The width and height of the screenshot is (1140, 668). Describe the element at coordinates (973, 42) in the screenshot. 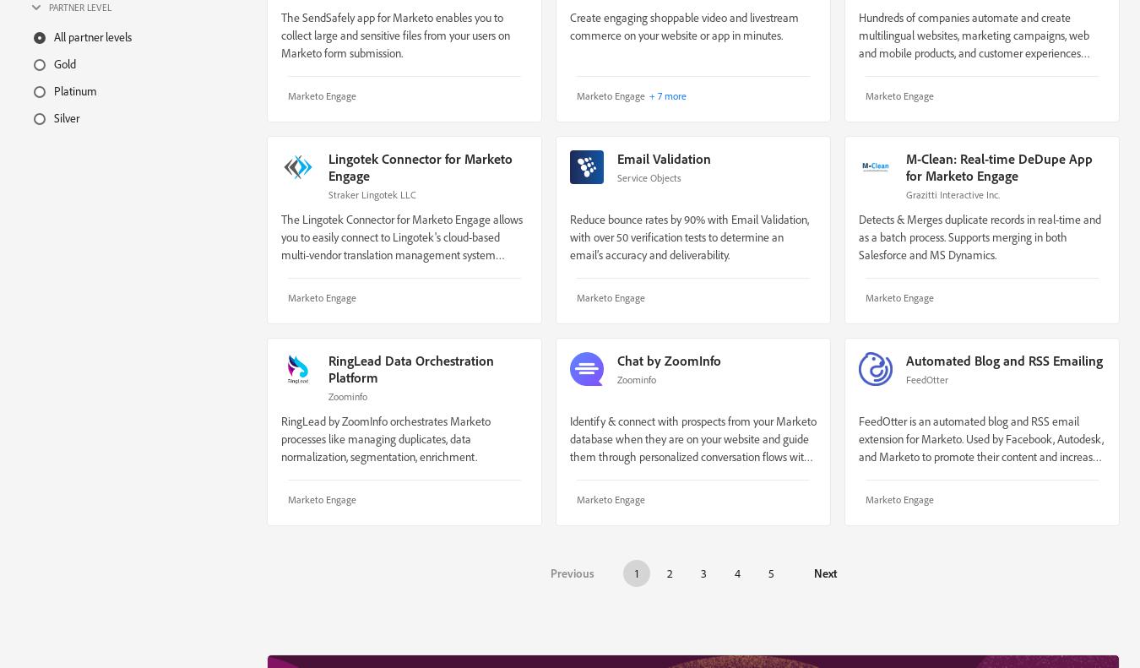

I see `'Hundreds of companies automate and create multilingual websites, marketing campaigns, web and mobile products, and customer experiences using Smartling.'` at that location.